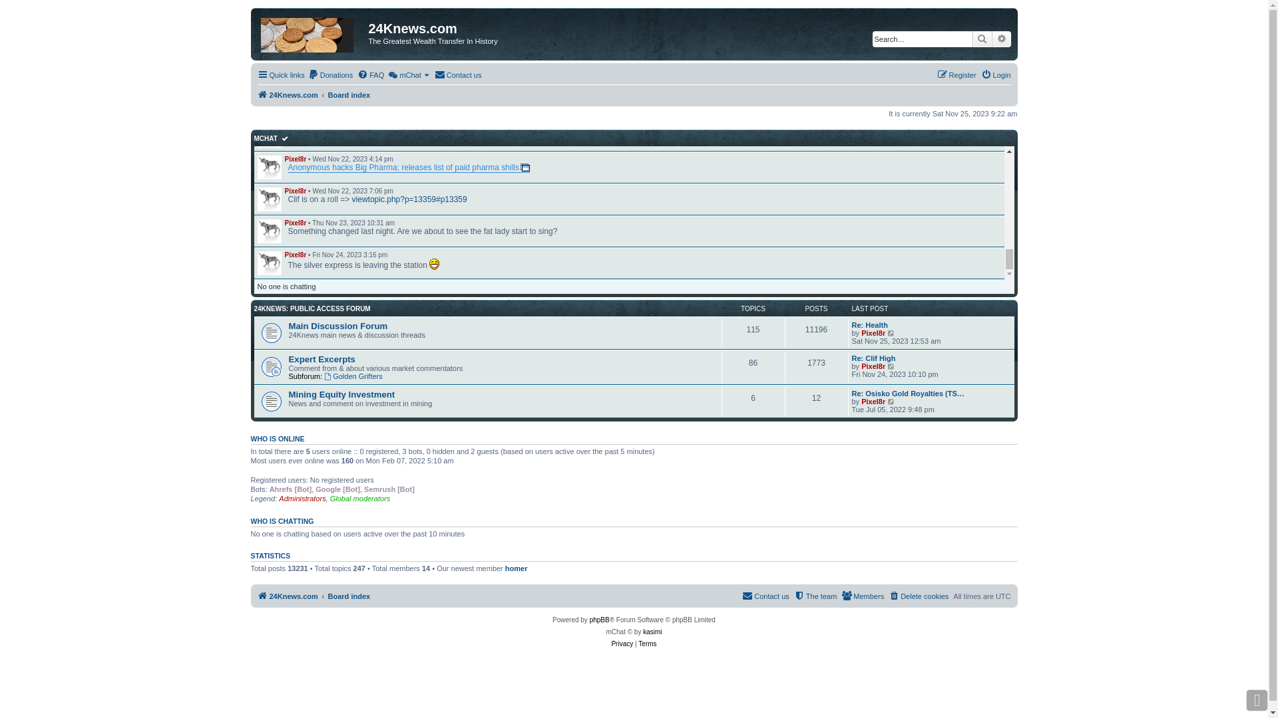 Image resolution: width=1278 pixels, height=718 pixels. I want to click on 'Advanced search', so click(1000, 38).